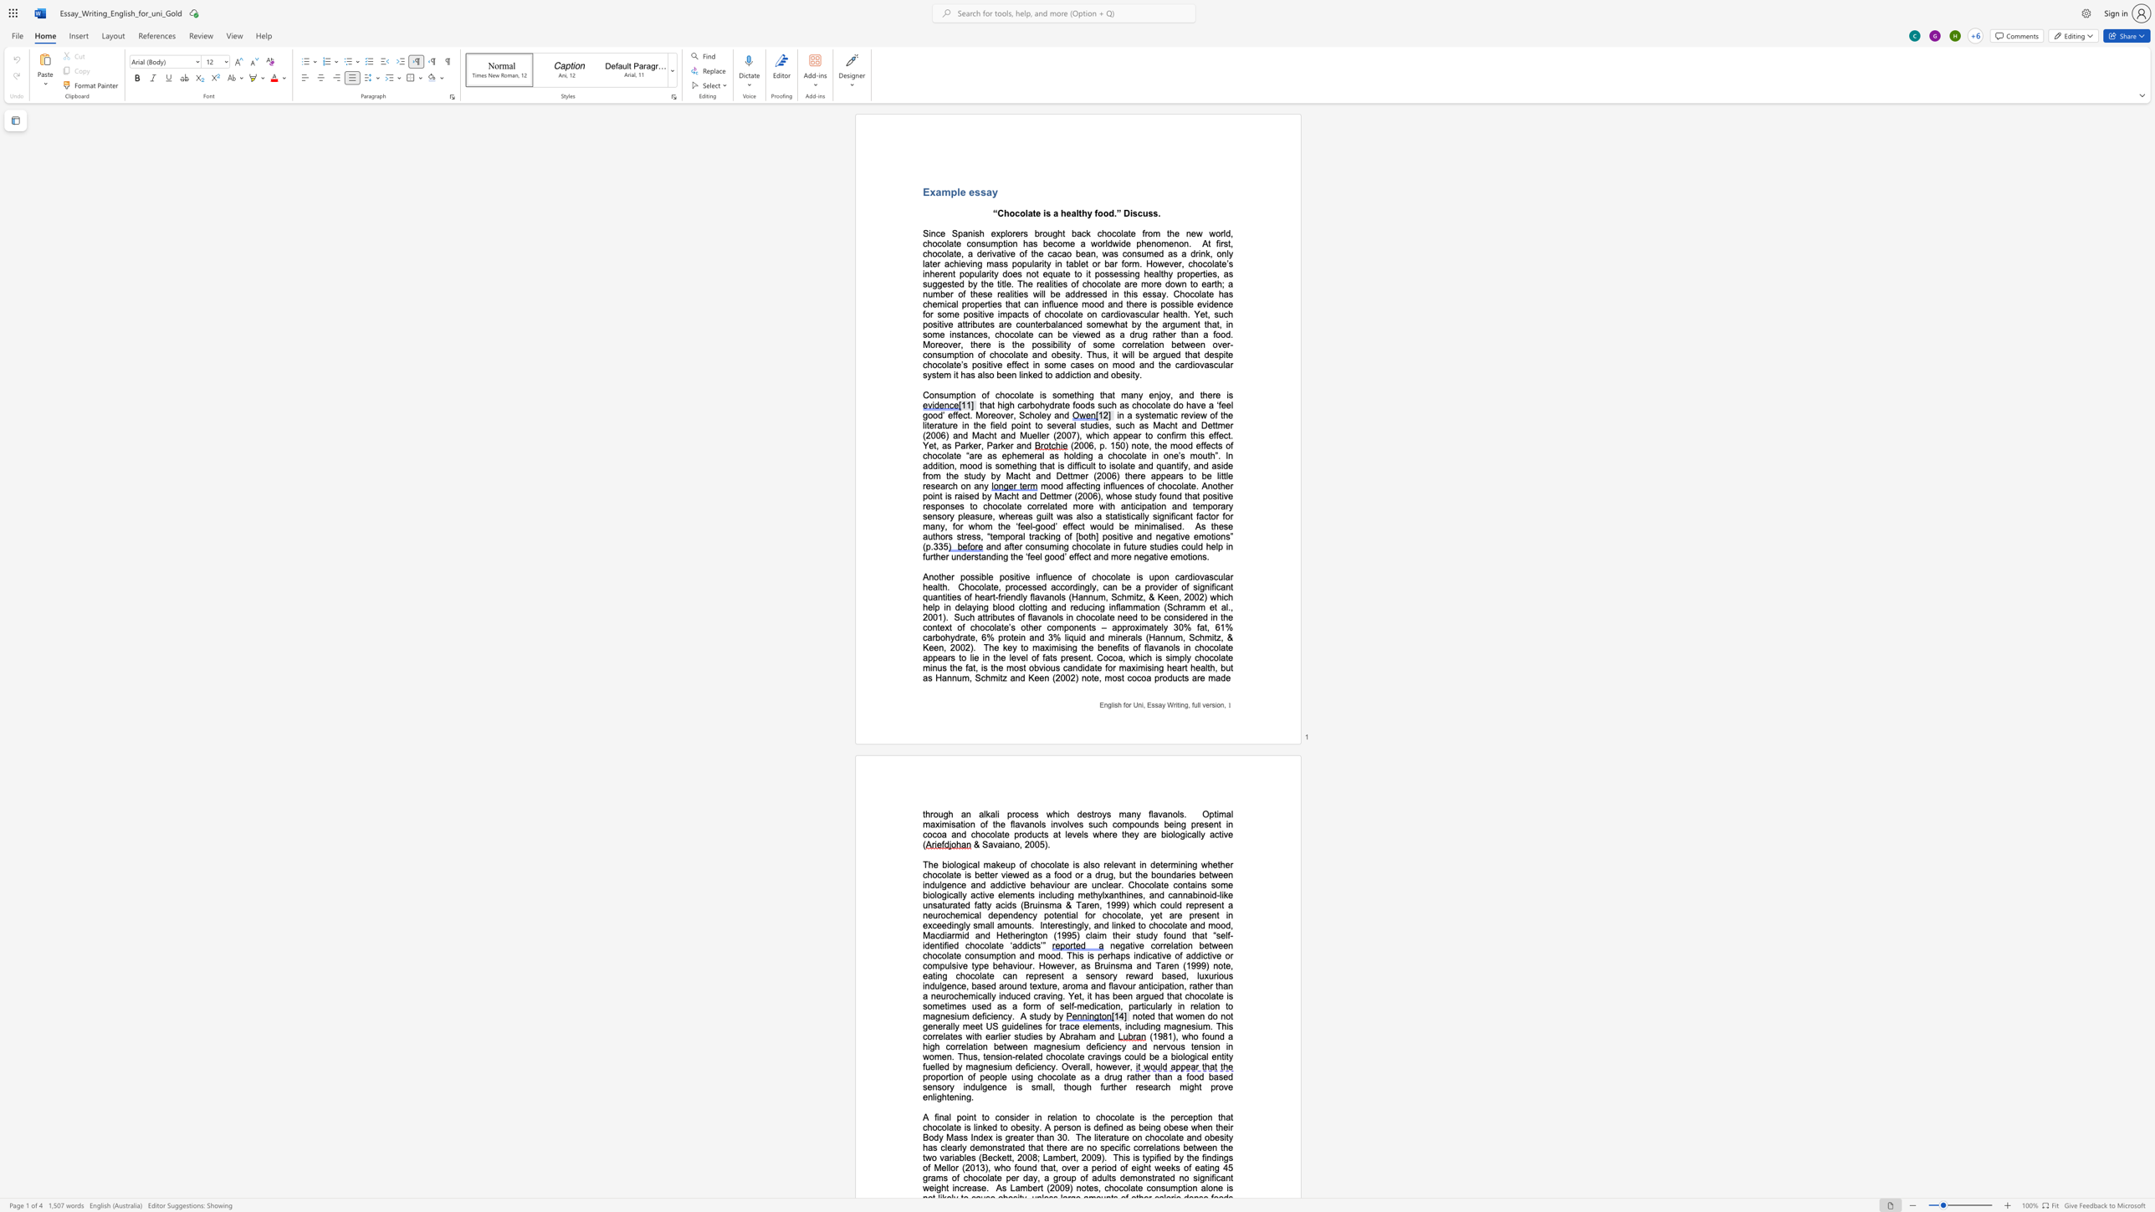  Describe the element at coordinates (1067, 576) in the screenshot. I see `the space between the continuous character "c" and "e" in the text` at that location.